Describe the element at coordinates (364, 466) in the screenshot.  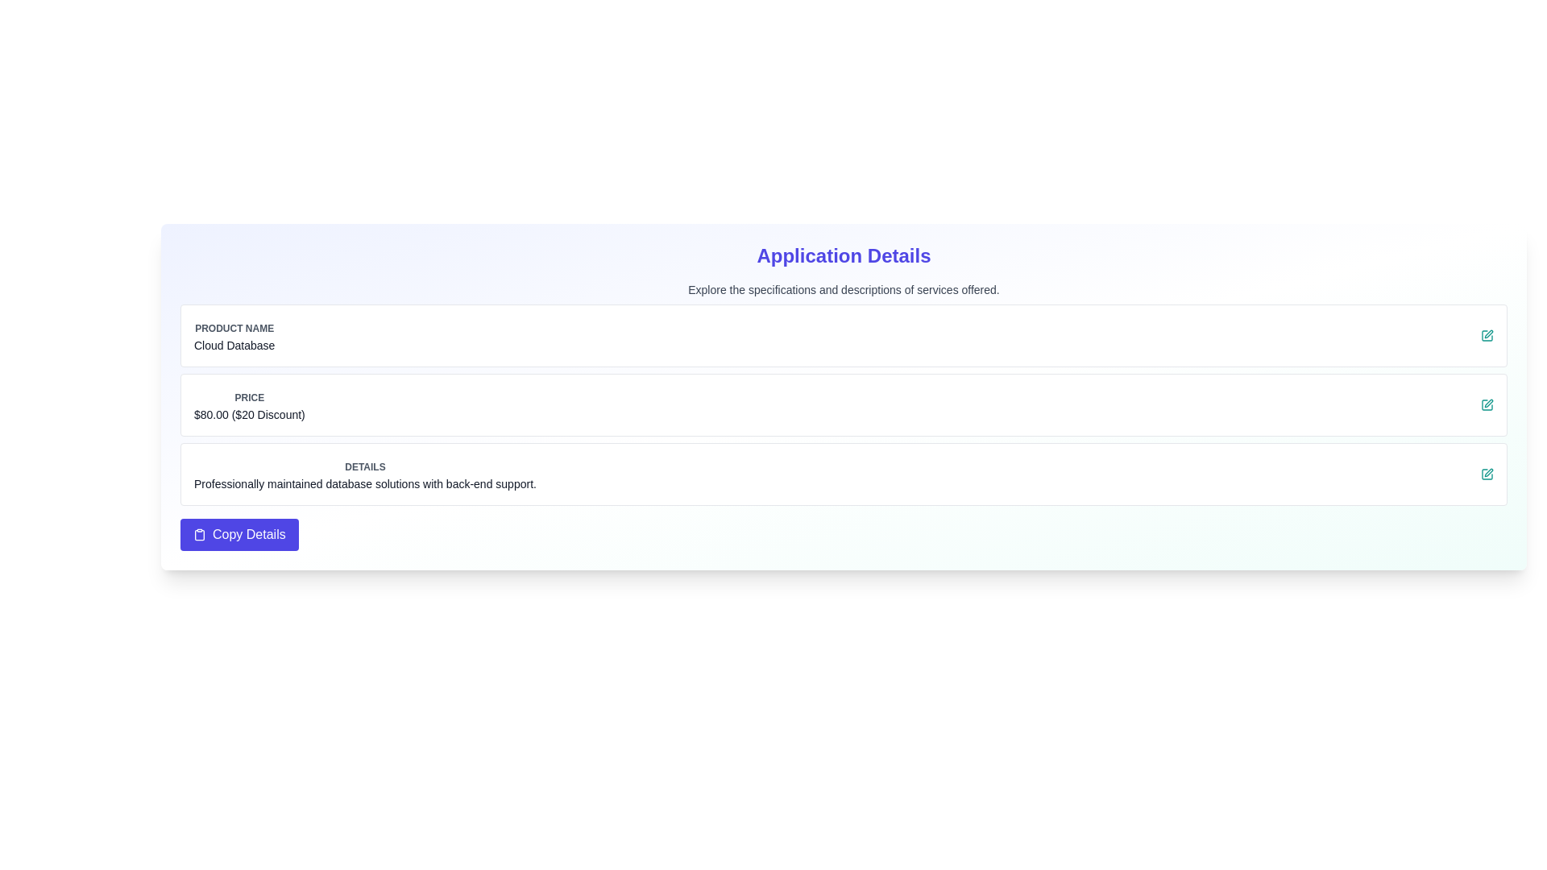
I see `the text label styled in small uppercase gray font with the text 'Details', located at the bottom section of the interface above a descriptive line about database solutions` at that location.